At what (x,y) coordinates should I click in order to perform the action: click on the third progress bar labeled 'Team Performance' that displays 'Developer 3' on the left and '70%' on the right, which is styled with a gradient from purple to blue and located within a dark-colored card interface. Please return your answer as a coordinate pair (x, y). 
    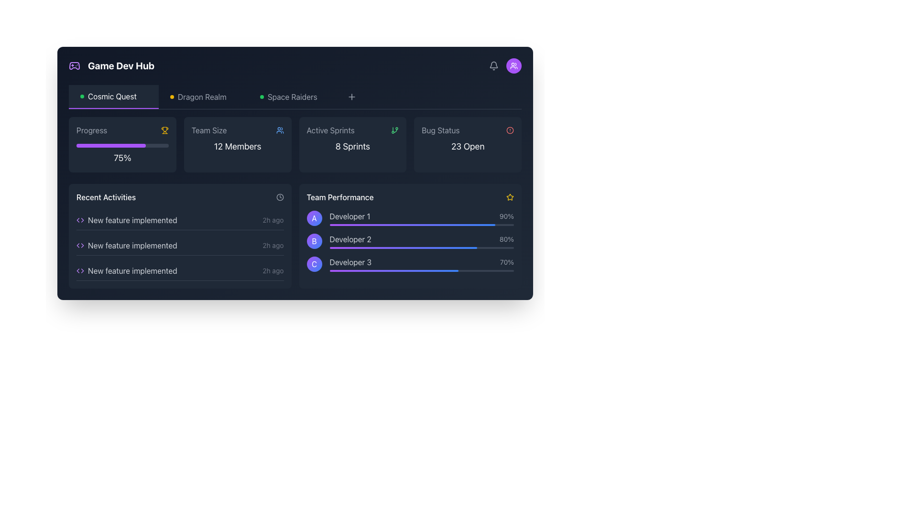
    Looking at the image, I should click on (421, 264).